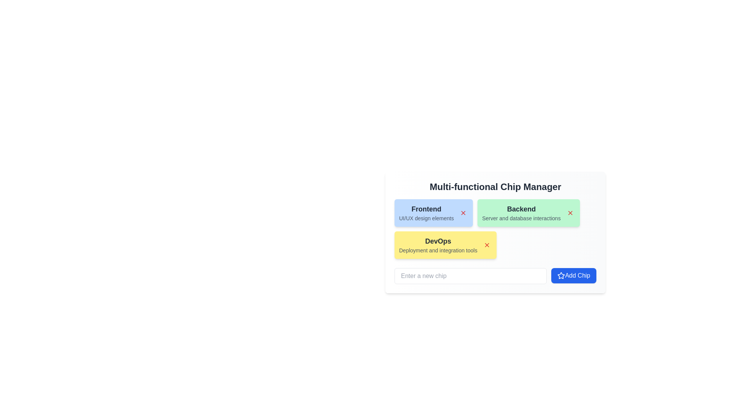  Describe the element at coordinates (438, 241) in the screenshot. I see `the text label 'DevOps', which is bold and prominently displayed against a yellow background, located below the 'Frontend' and 'Backend' cards` at that location.